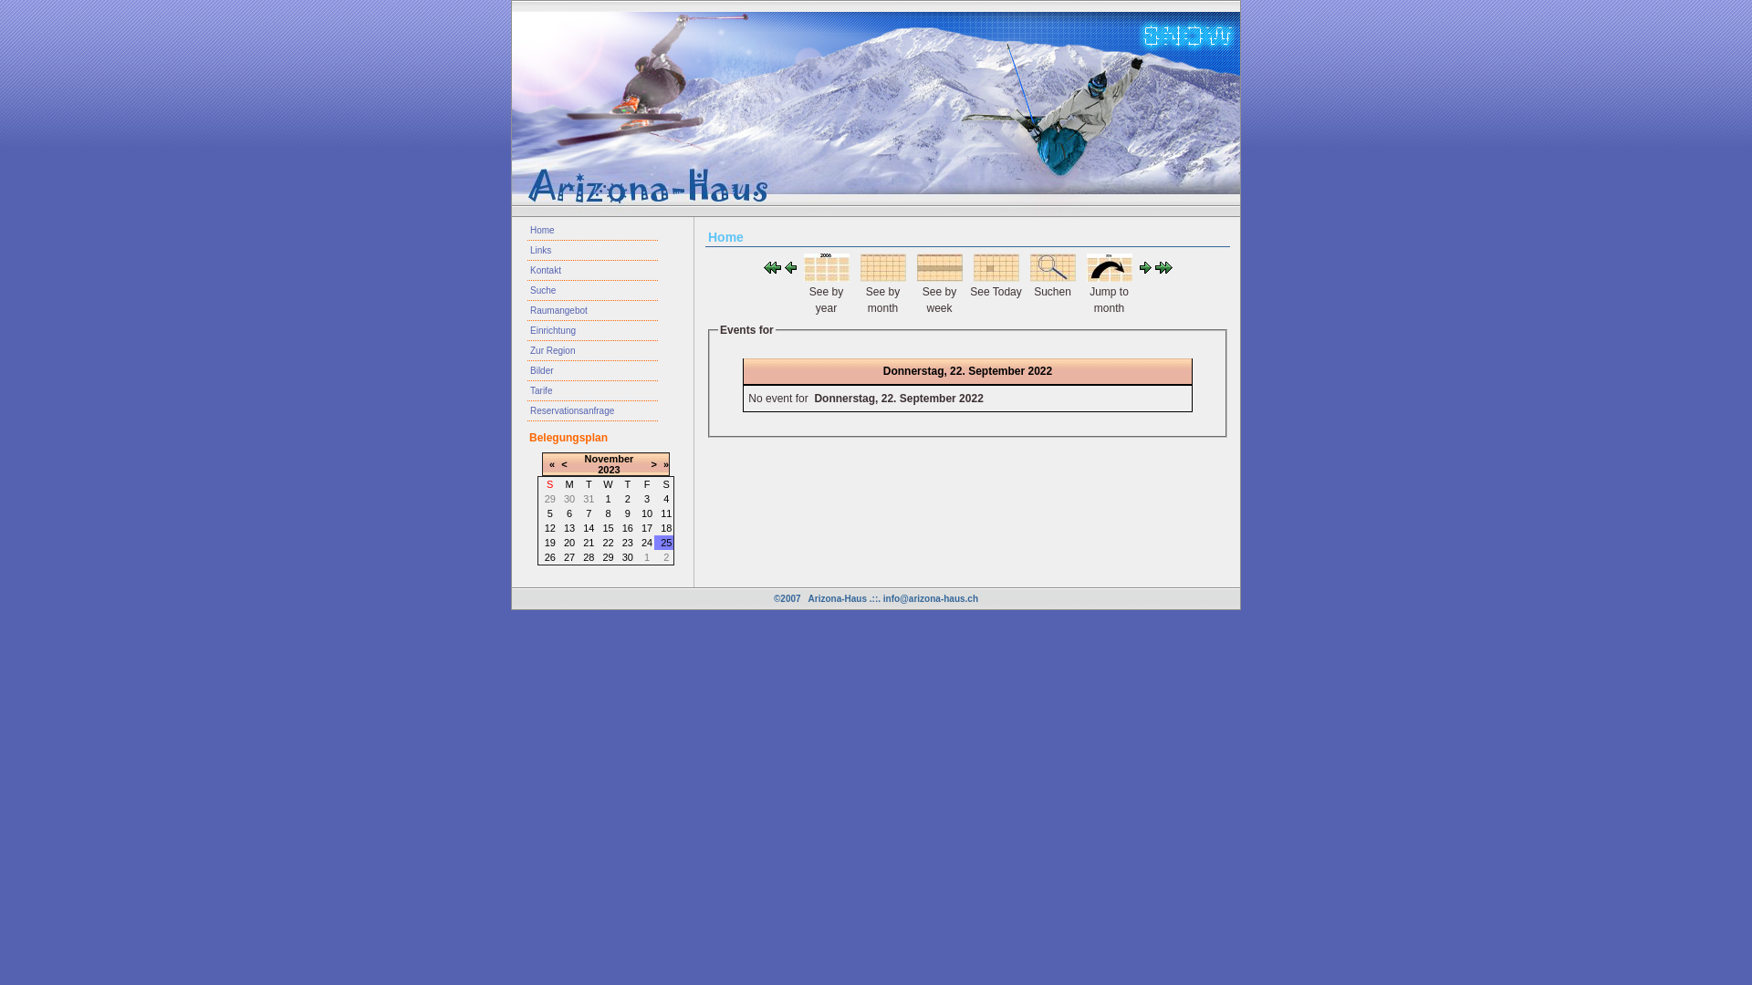  Describe the element at coordinates (592, 290) in the screenshot. I see `'Suche'` at that location.